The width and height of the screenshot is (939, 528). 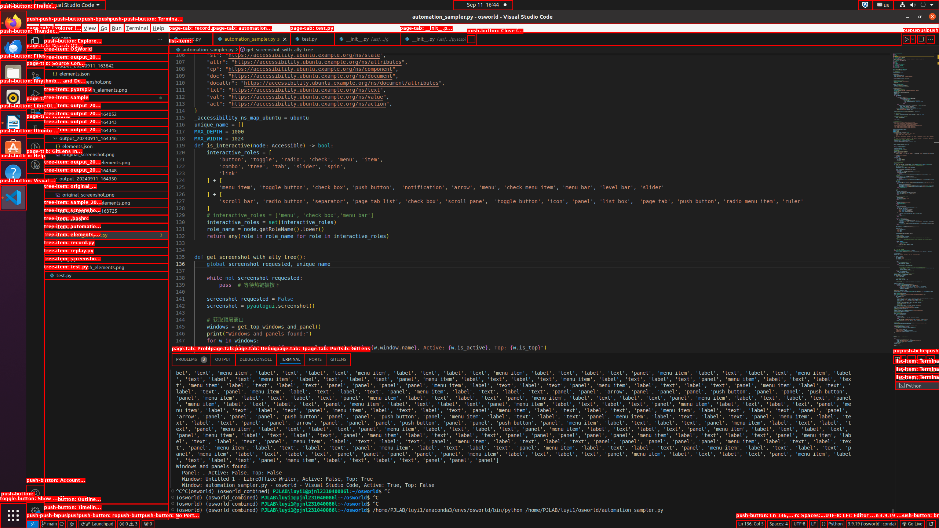 I want to click on 'Output (Ctrl+K Ctrl+H)', so click(x=223, y=359).